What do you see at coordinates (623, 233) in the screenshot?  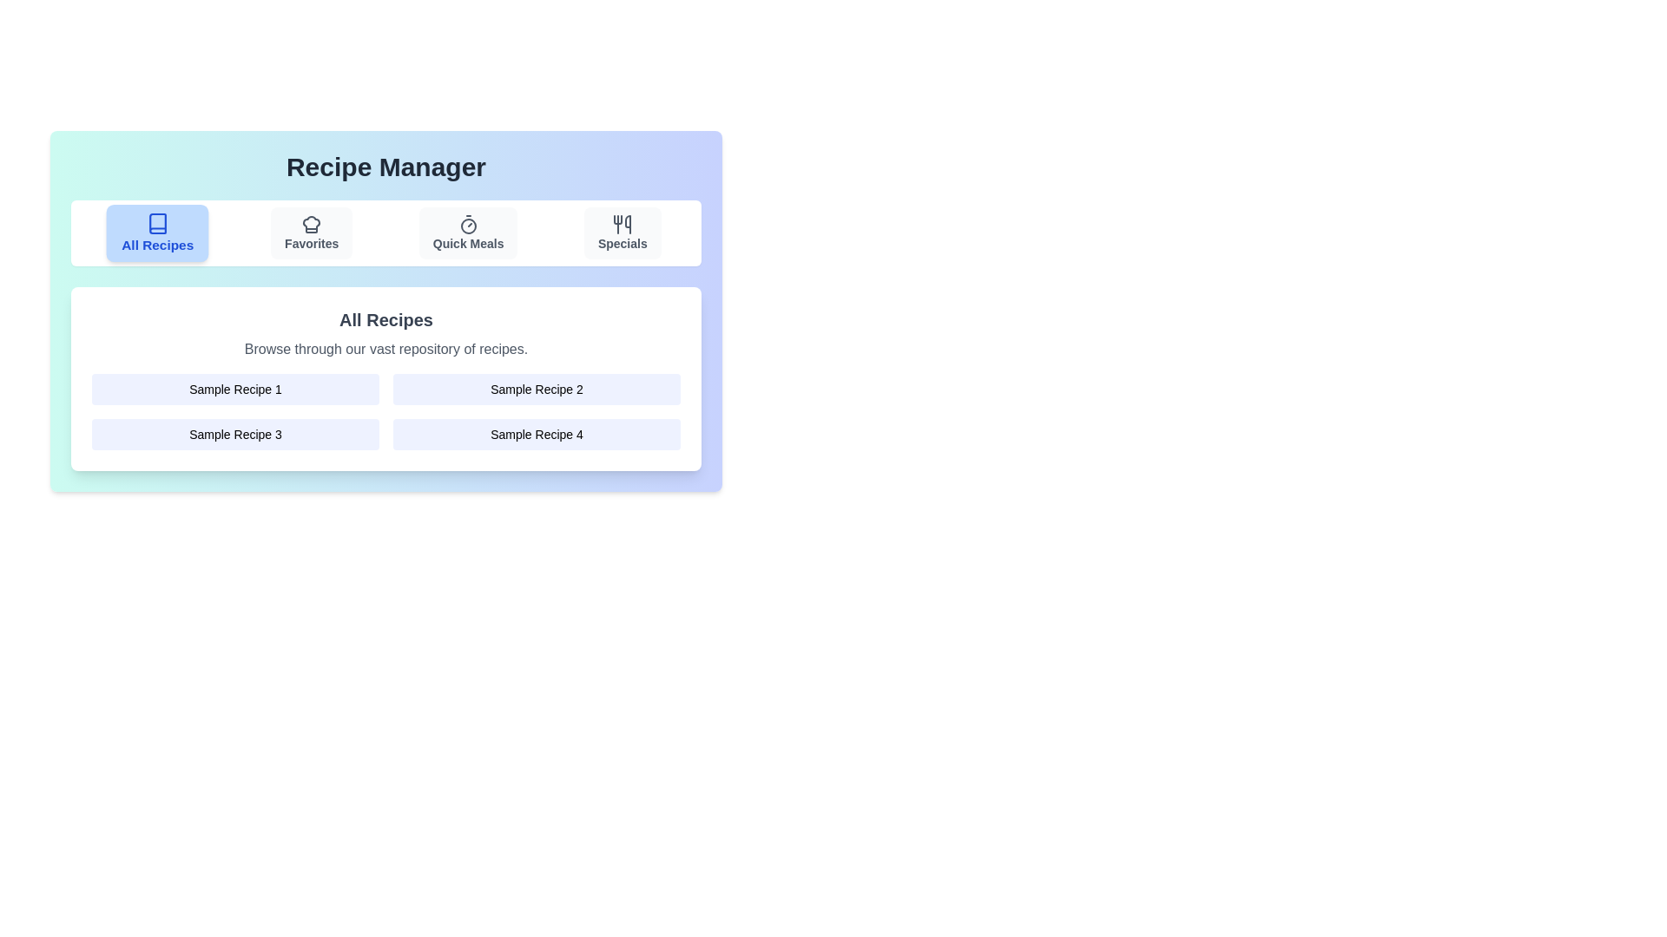 I see `the tab labeled Specials to switch to it` at bounding box center [623, 233].